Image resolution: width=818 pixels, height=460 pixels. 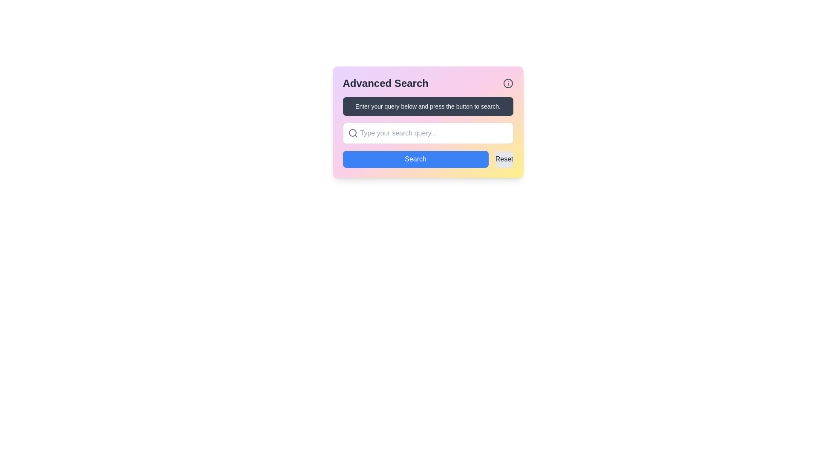 I want to click on the primary text input field in the 'Advanced Search' component, so click(x=428, y=133).